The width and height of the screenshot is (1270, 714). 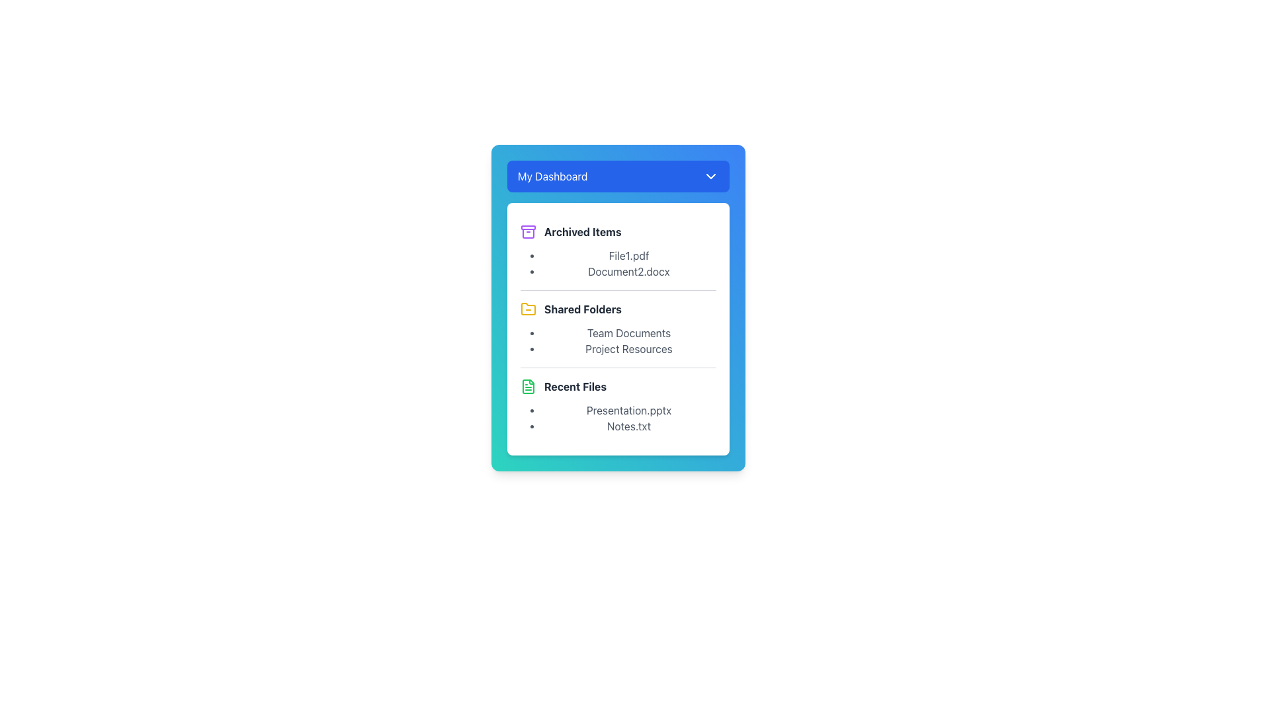 I want to click on the yellow folder-shaped icon located to the left of the 'Shared Folders' heading text in the middle section of the dashboard card interface, so click(x=527, y=309).